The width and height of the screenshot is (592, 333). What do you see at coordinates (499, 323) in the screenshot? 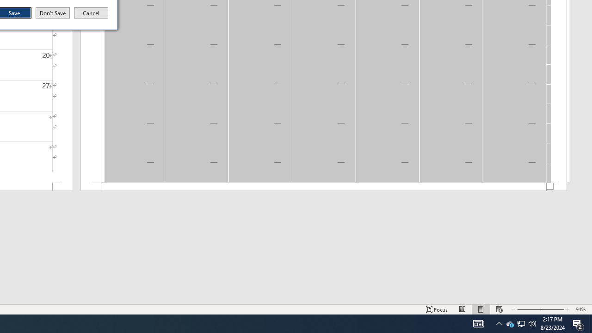
I see `'Notification Chevron'` at bounding box center [499, 323].